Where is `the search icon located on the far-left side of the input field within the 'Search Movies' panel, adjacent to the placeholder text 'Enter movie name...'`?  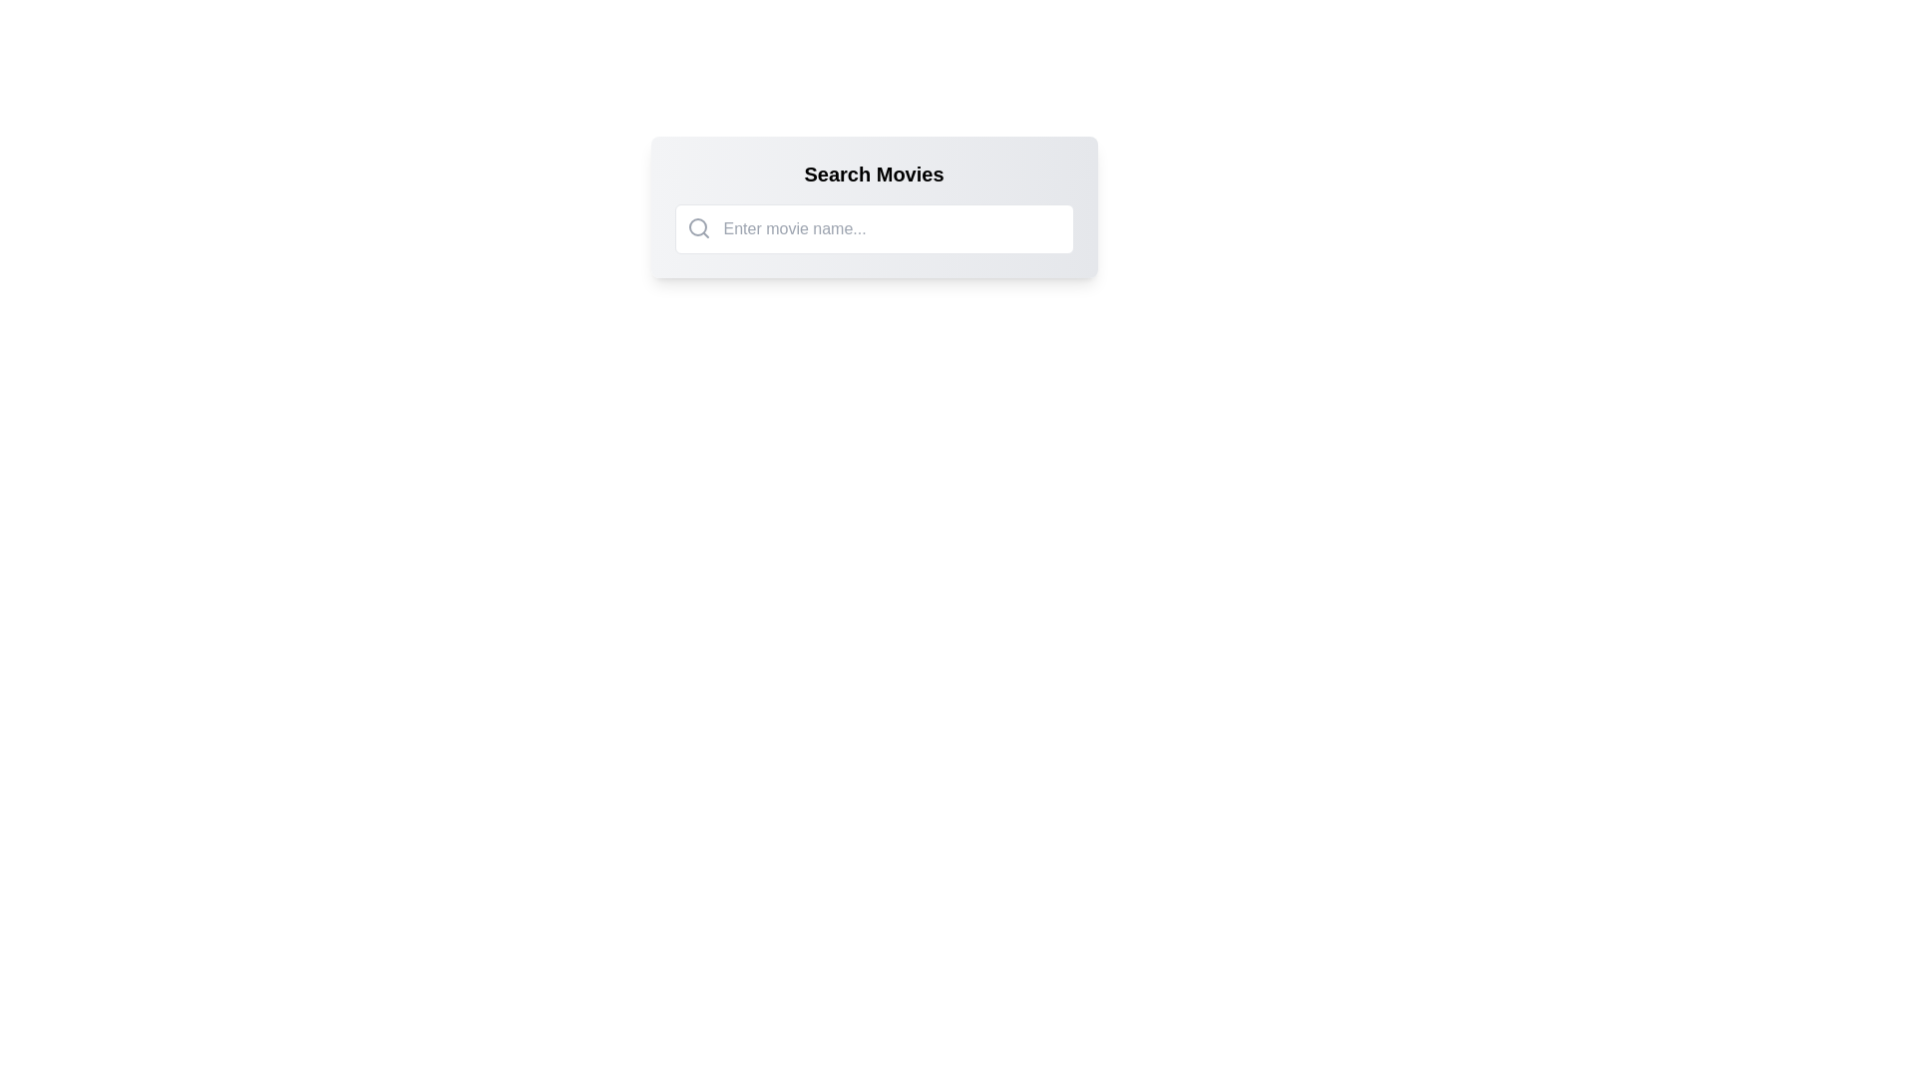 the search icon located on the far-left side of the input field within the 'Search Movies' panel, adjacent to the placeholder text 'Enter movie name...' is located at coordinates (698, 226).